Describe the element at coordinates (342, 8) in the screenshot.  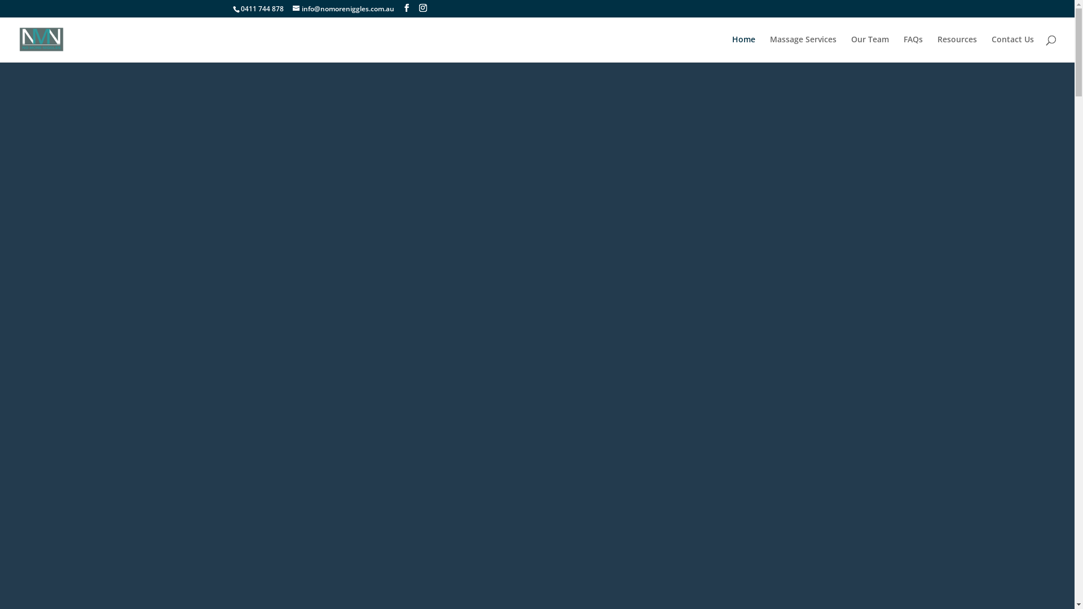
I see `'info@nomoreniggles.com.au'` at that location.